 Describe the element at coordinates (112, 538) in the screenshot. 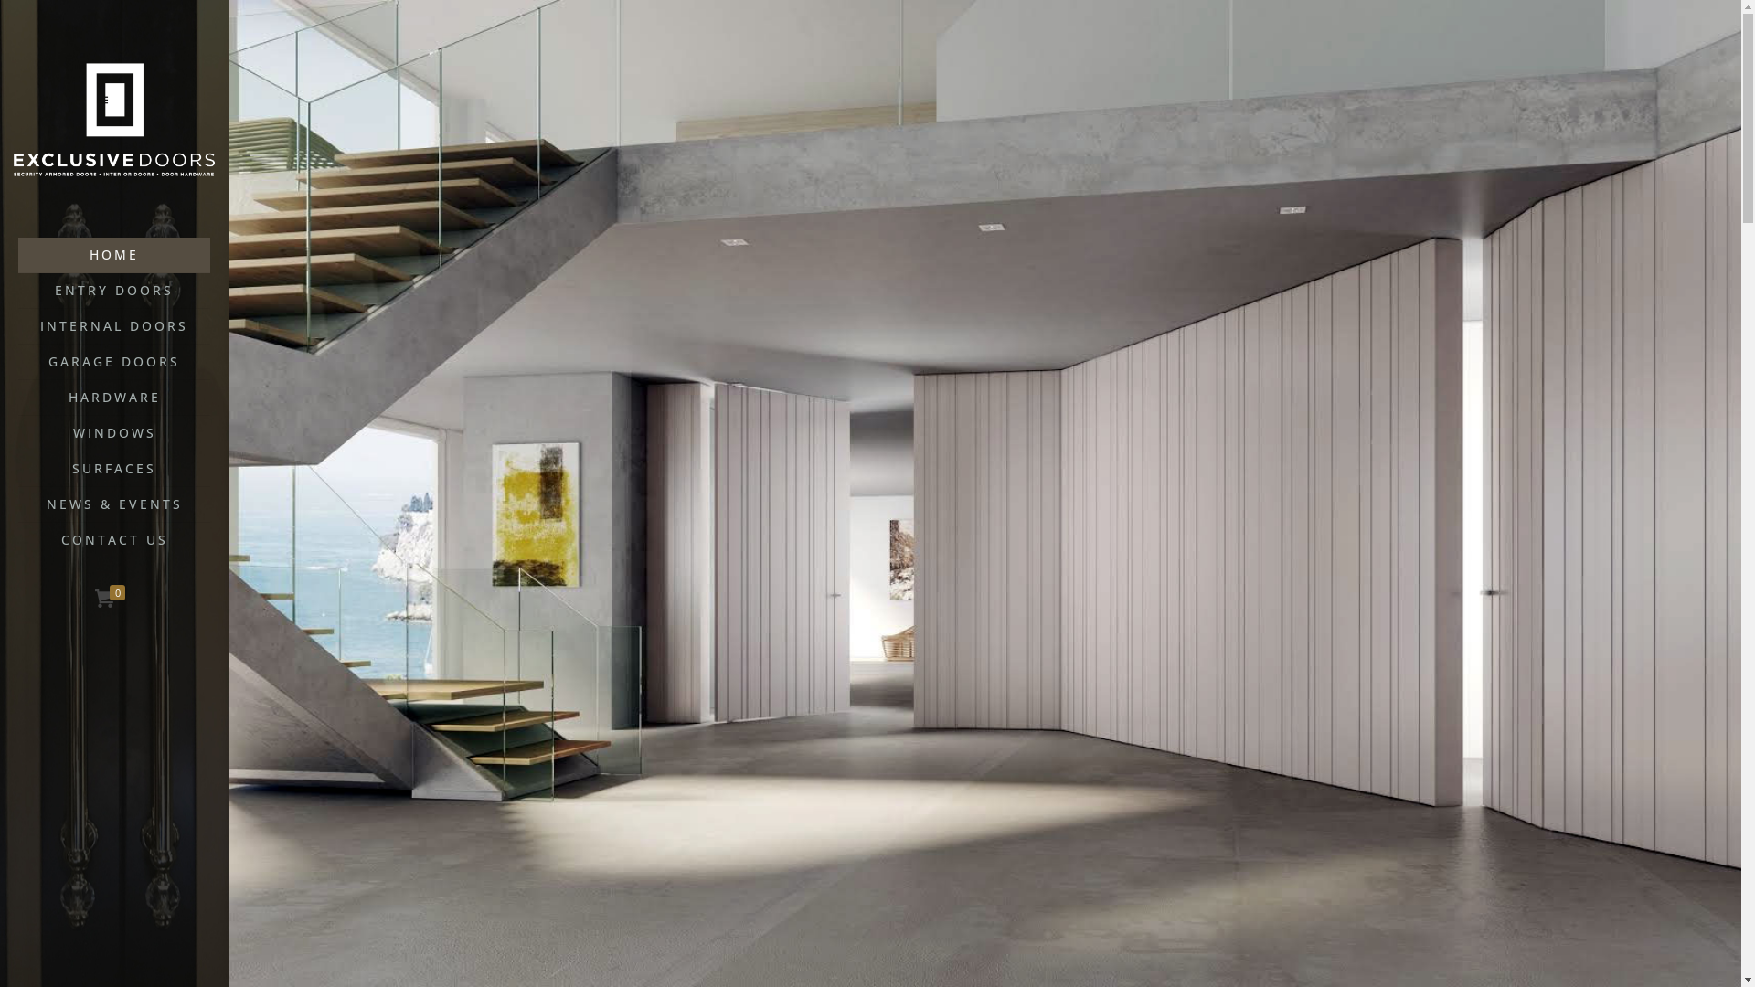

I see `'CONTACT US'` at that location.